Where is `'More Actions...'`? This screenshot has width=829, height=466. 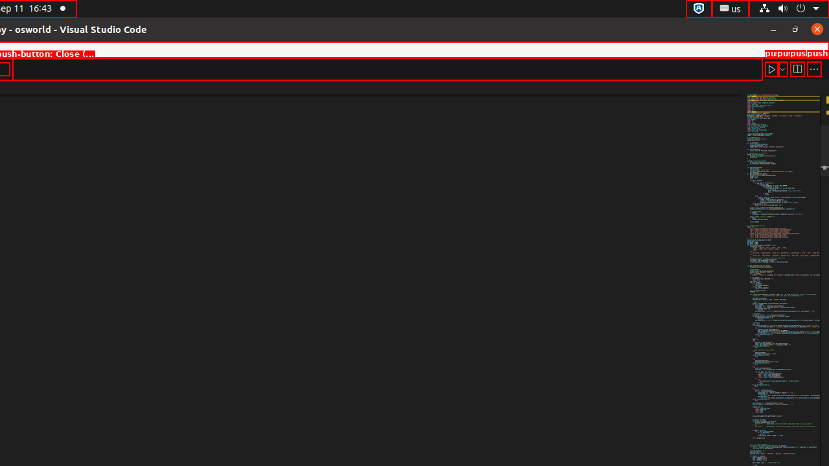 'More Actions...' is located at coordinates (813, 69).